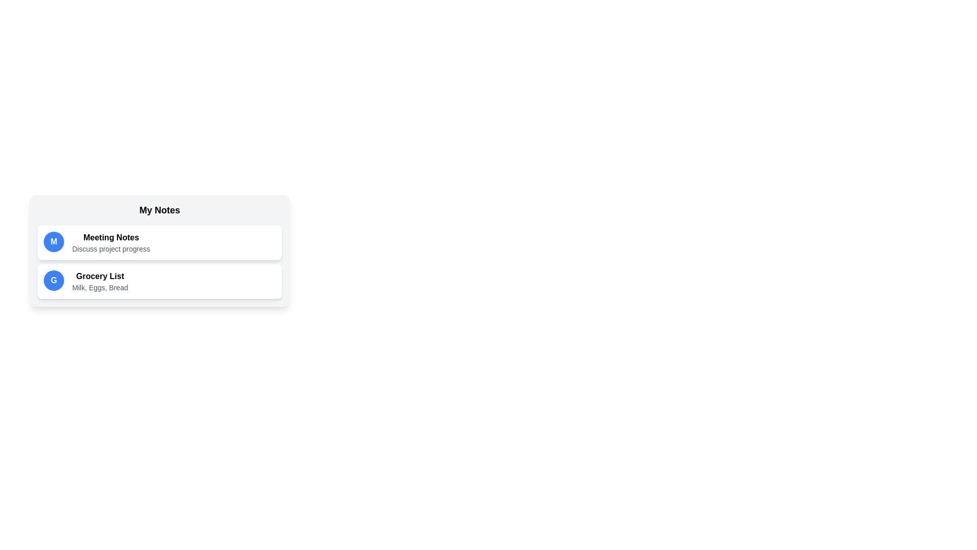 The image size is (977, 550). What do you see at coordinates (111, 237) in the screenshot?
I see `the note title Meeting Notes to display options or details` at bounding box center [111, 237].